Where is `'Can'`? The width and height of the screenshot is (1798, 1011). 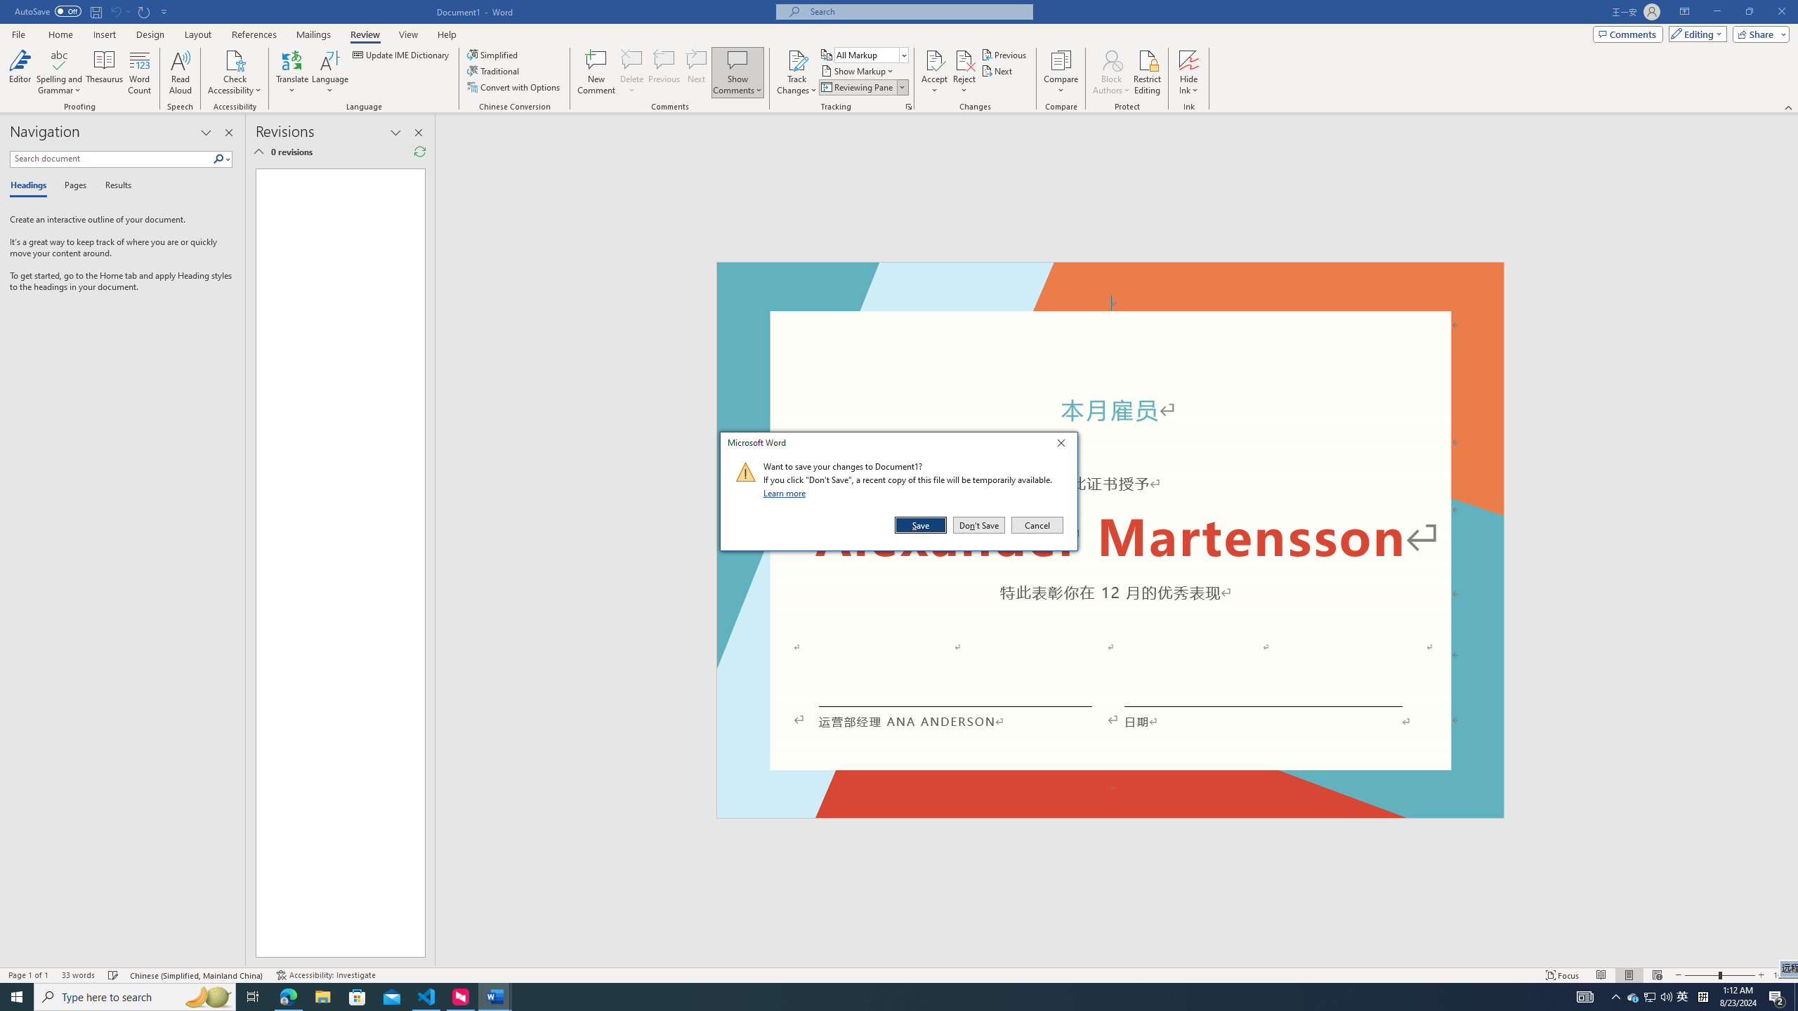
'Can' is located at coordinates (119, 11).